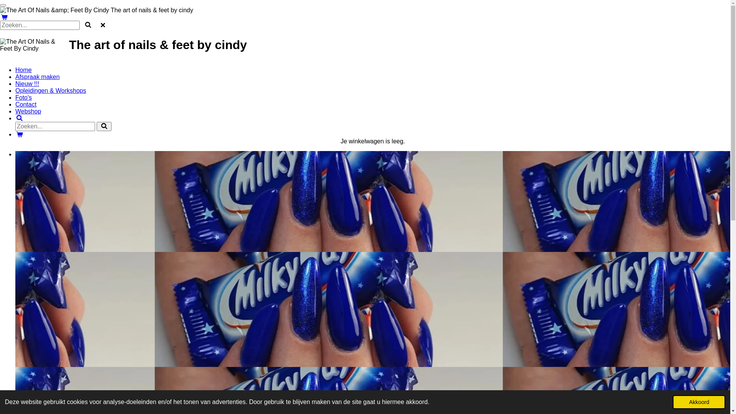  What do you see at coordinates (672, 402) in the screenshot?
I see `'Akkoord'` at bounding box center [672, 402].